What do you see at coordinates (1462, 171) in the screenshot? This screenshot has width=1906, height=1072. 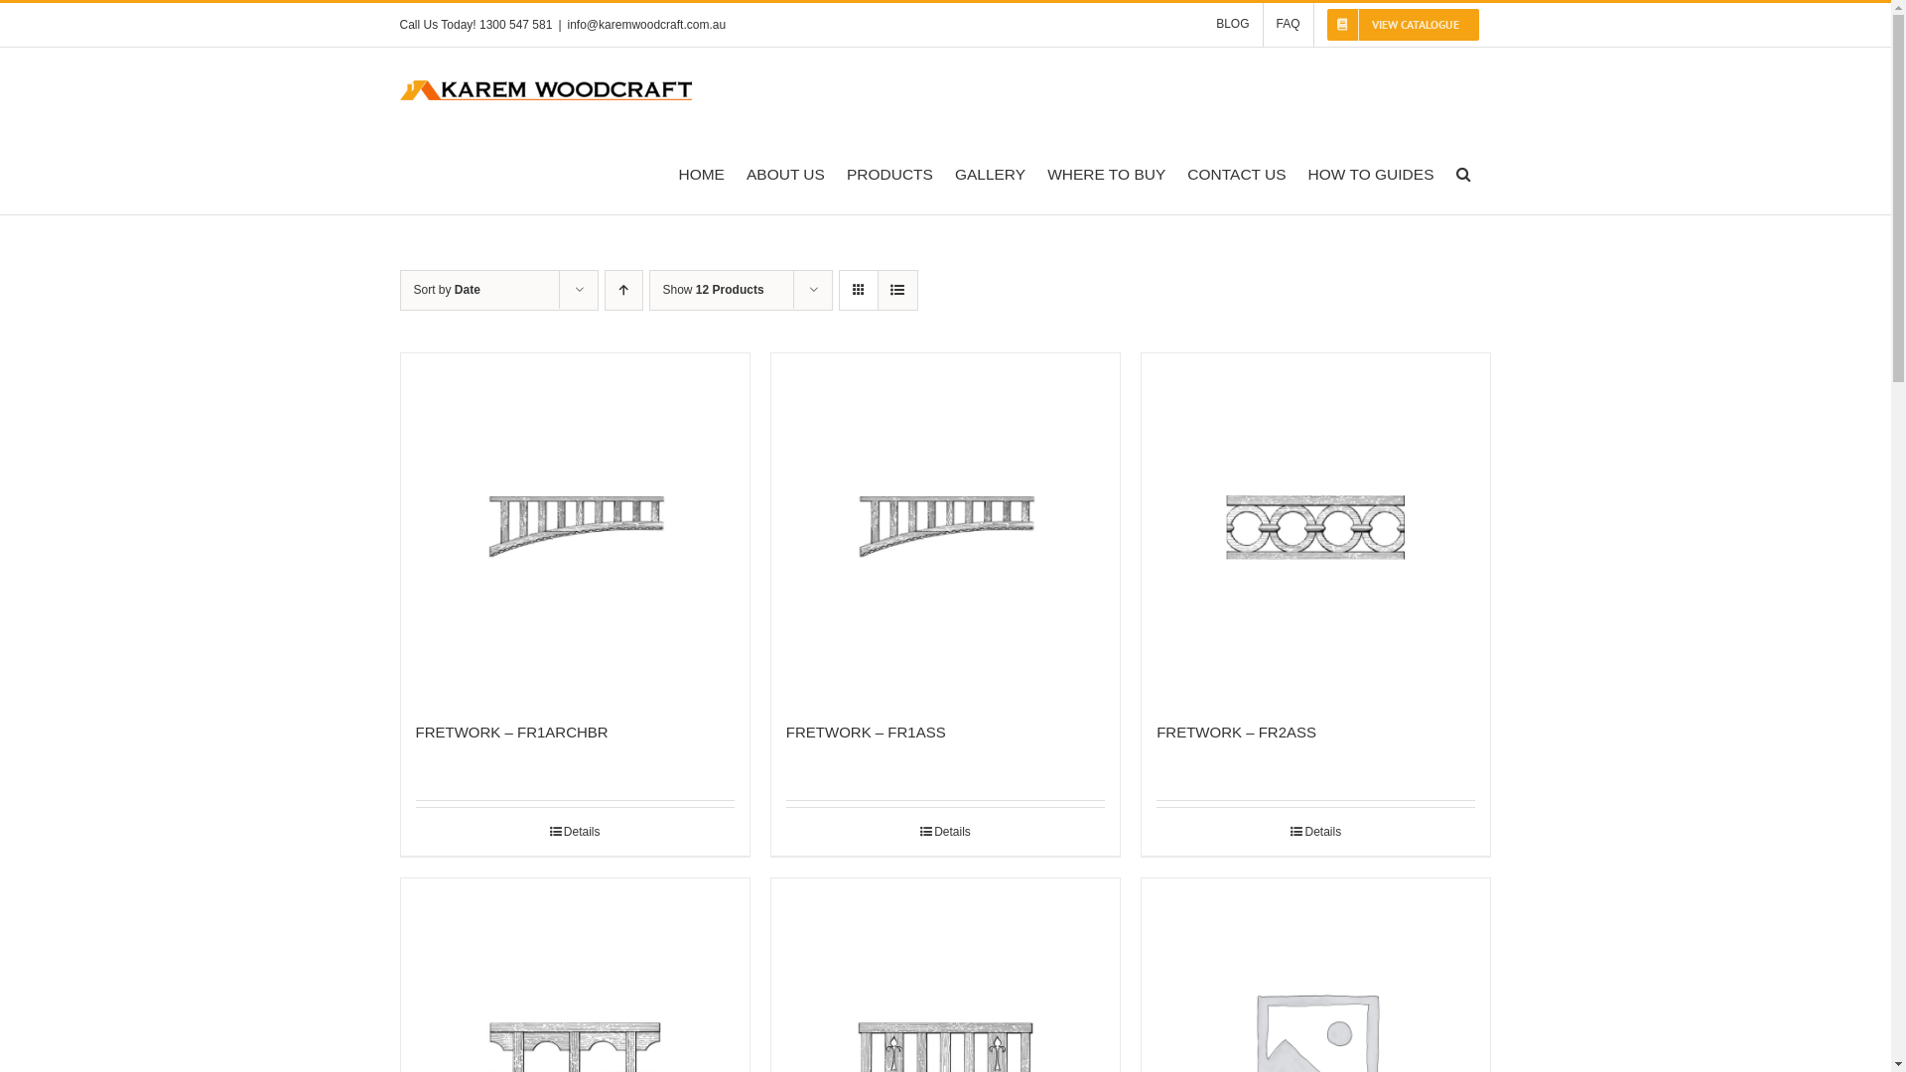 I see `'Search'` at bounding box center [1462, 171].